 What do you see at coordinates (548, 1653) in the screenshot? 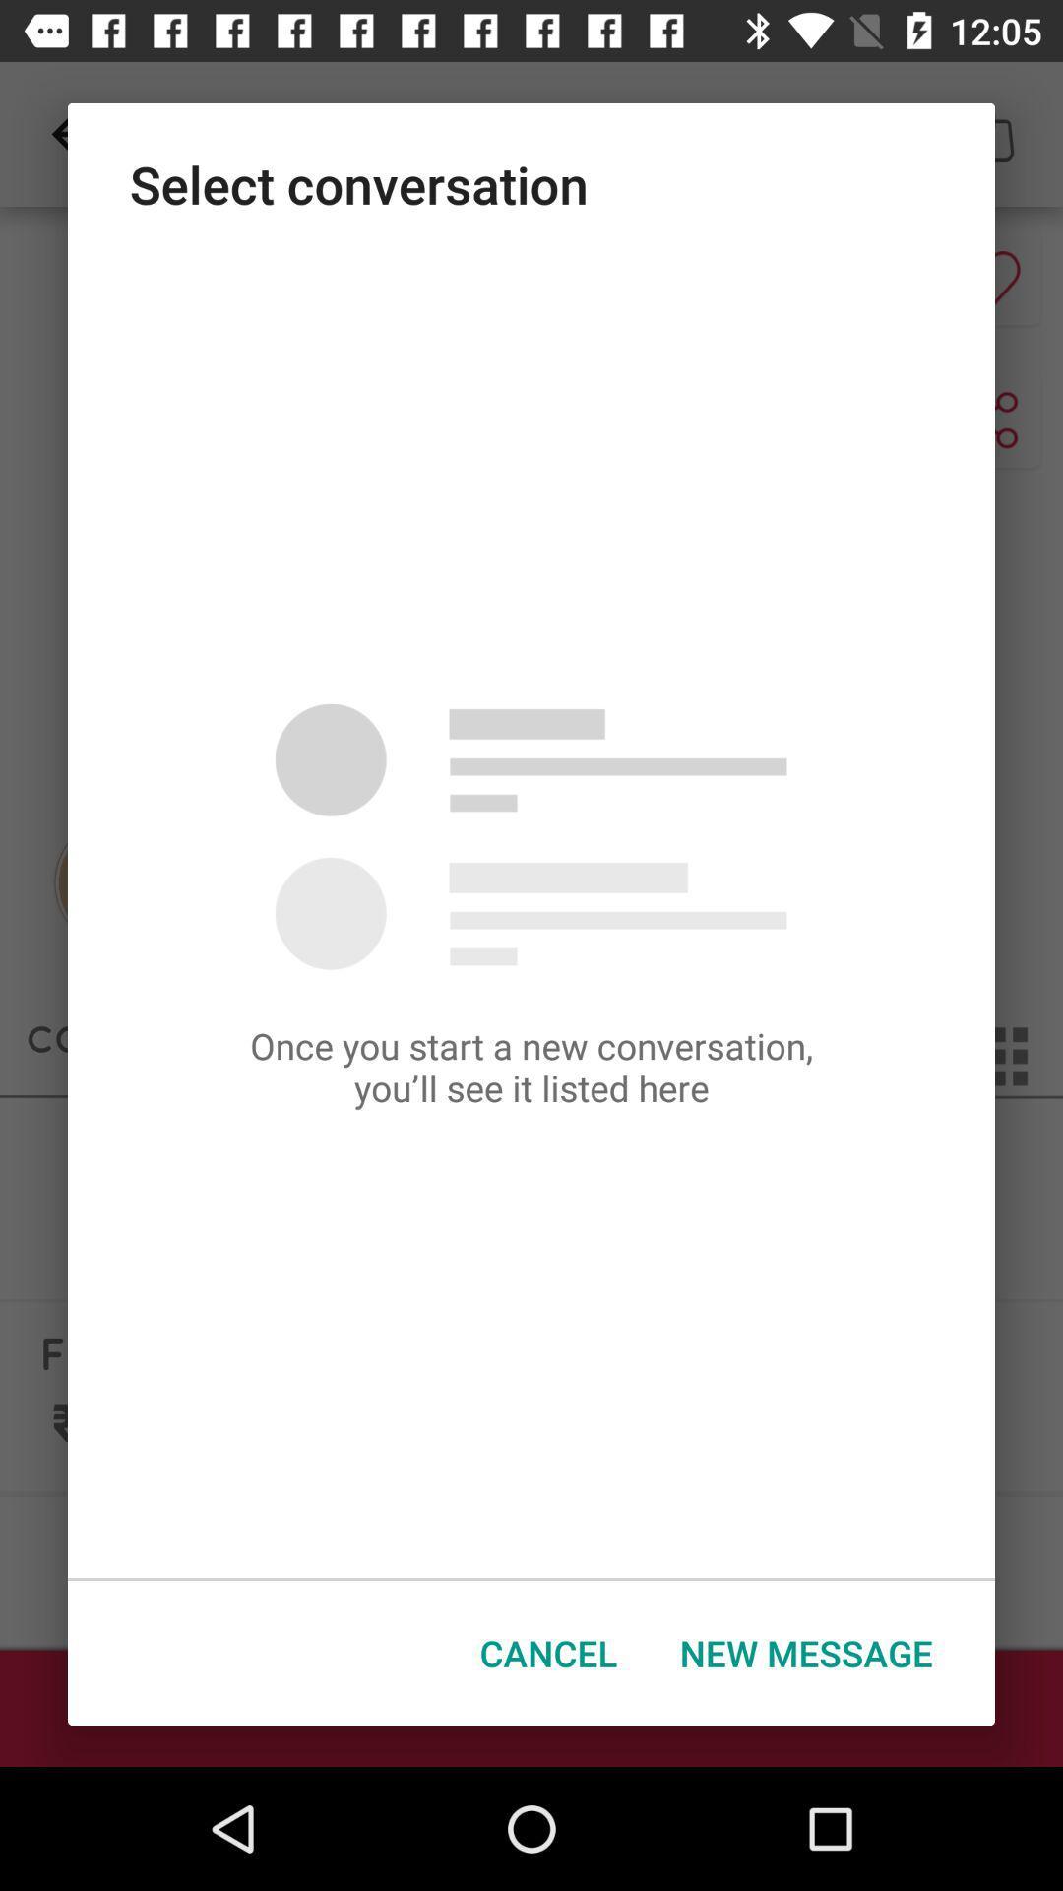
I see `the cancel button` at bounding box center [548, 1653].